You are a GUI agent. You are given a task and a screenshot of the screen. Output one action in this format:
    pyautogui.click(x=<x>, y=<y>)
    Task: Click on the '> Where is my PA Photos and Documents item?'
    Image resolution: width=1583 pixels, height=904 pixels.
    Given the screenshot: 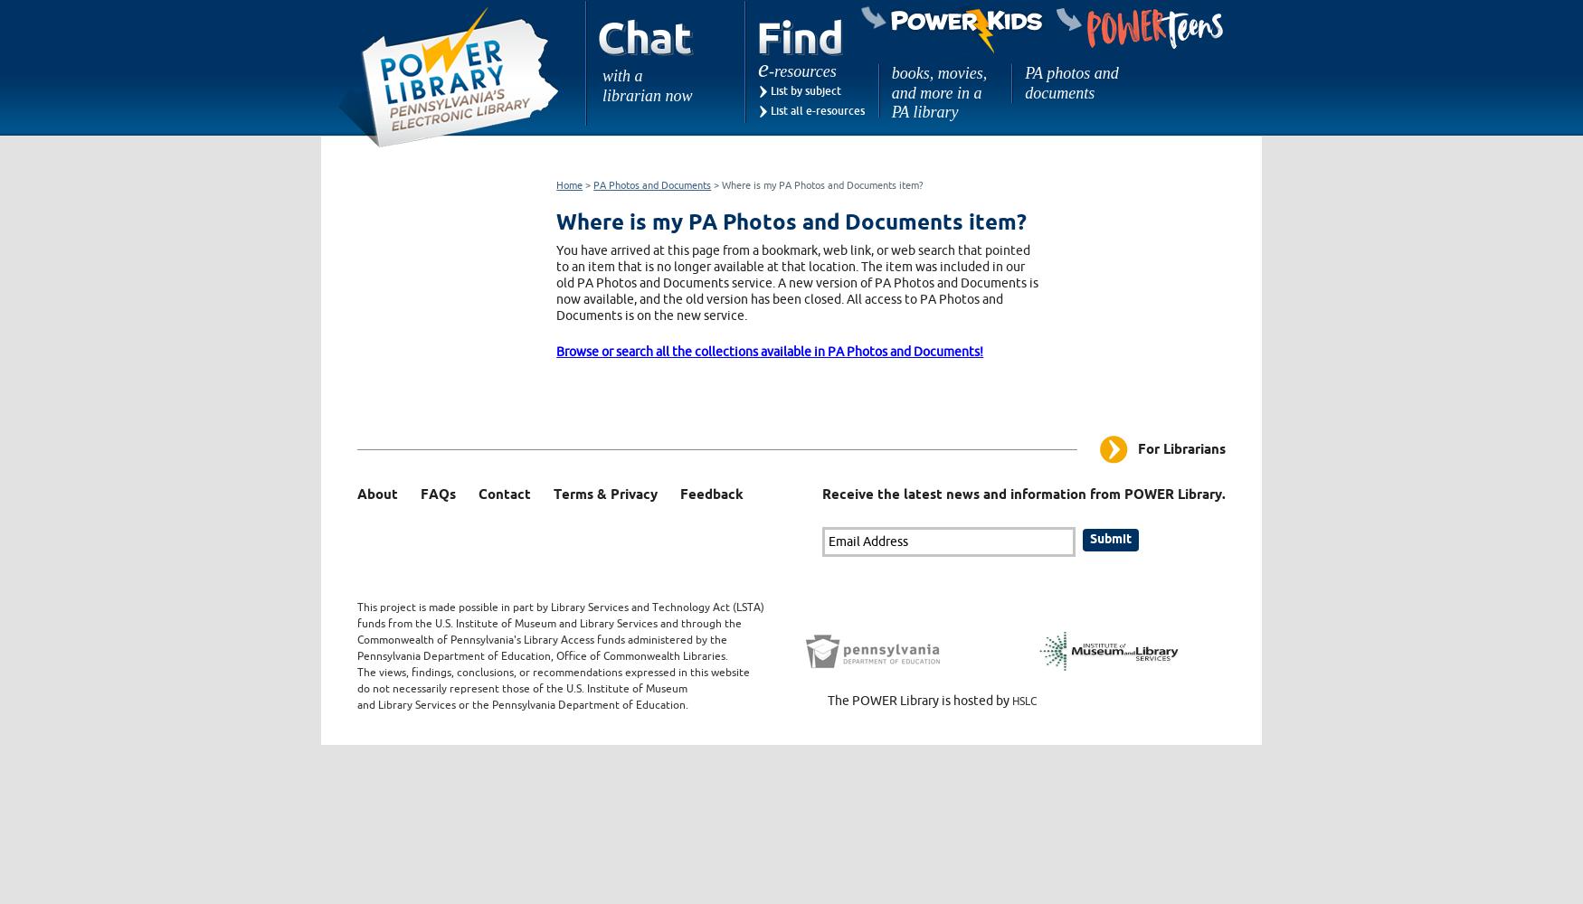 What is the action you would take?
    pyautogui.click(x=816, y=184)
    